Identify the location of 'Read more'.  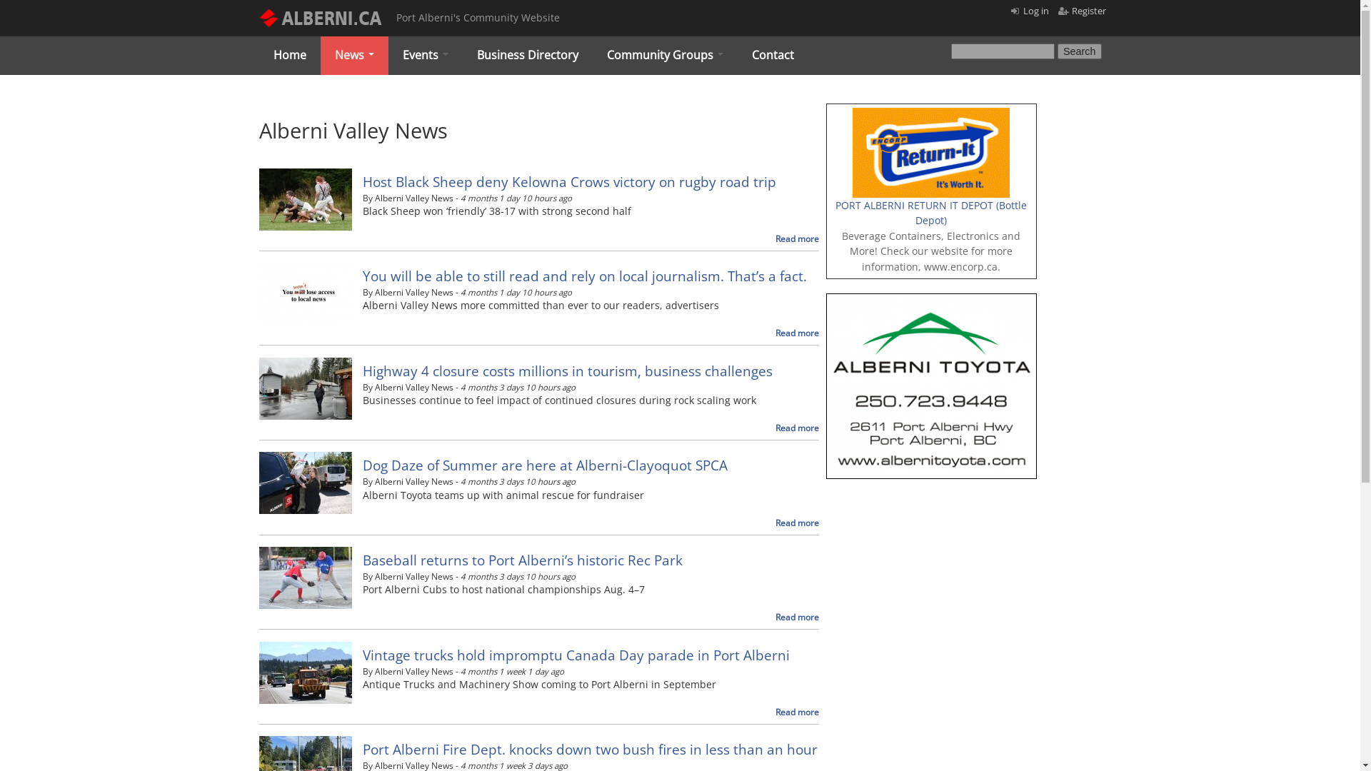
(796, 616).